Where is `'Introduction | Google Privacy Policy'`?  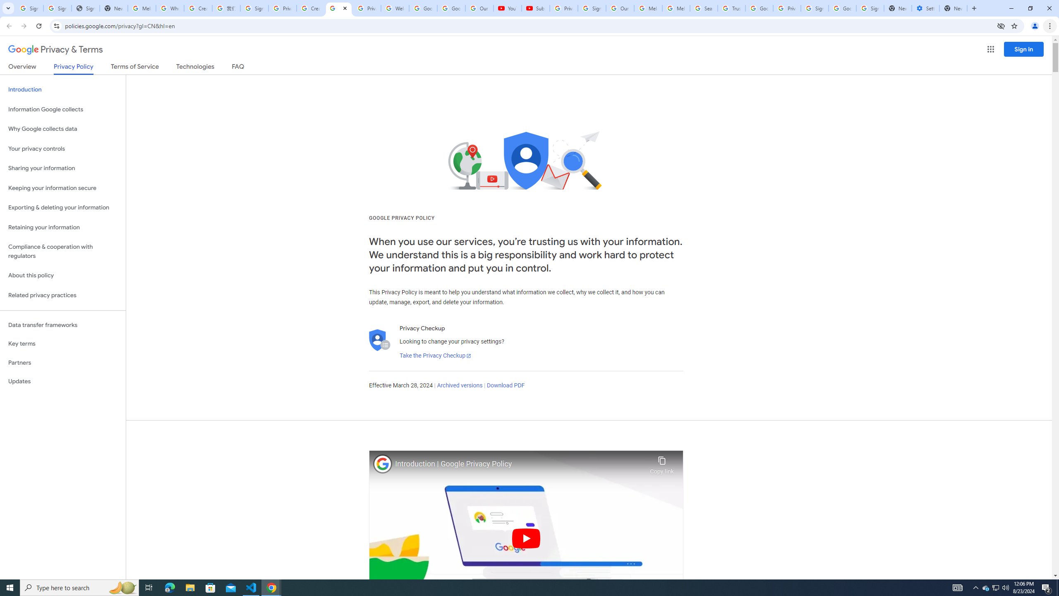 'Introduction | Google Privacy Policy' is located at coordinates (520, 464).